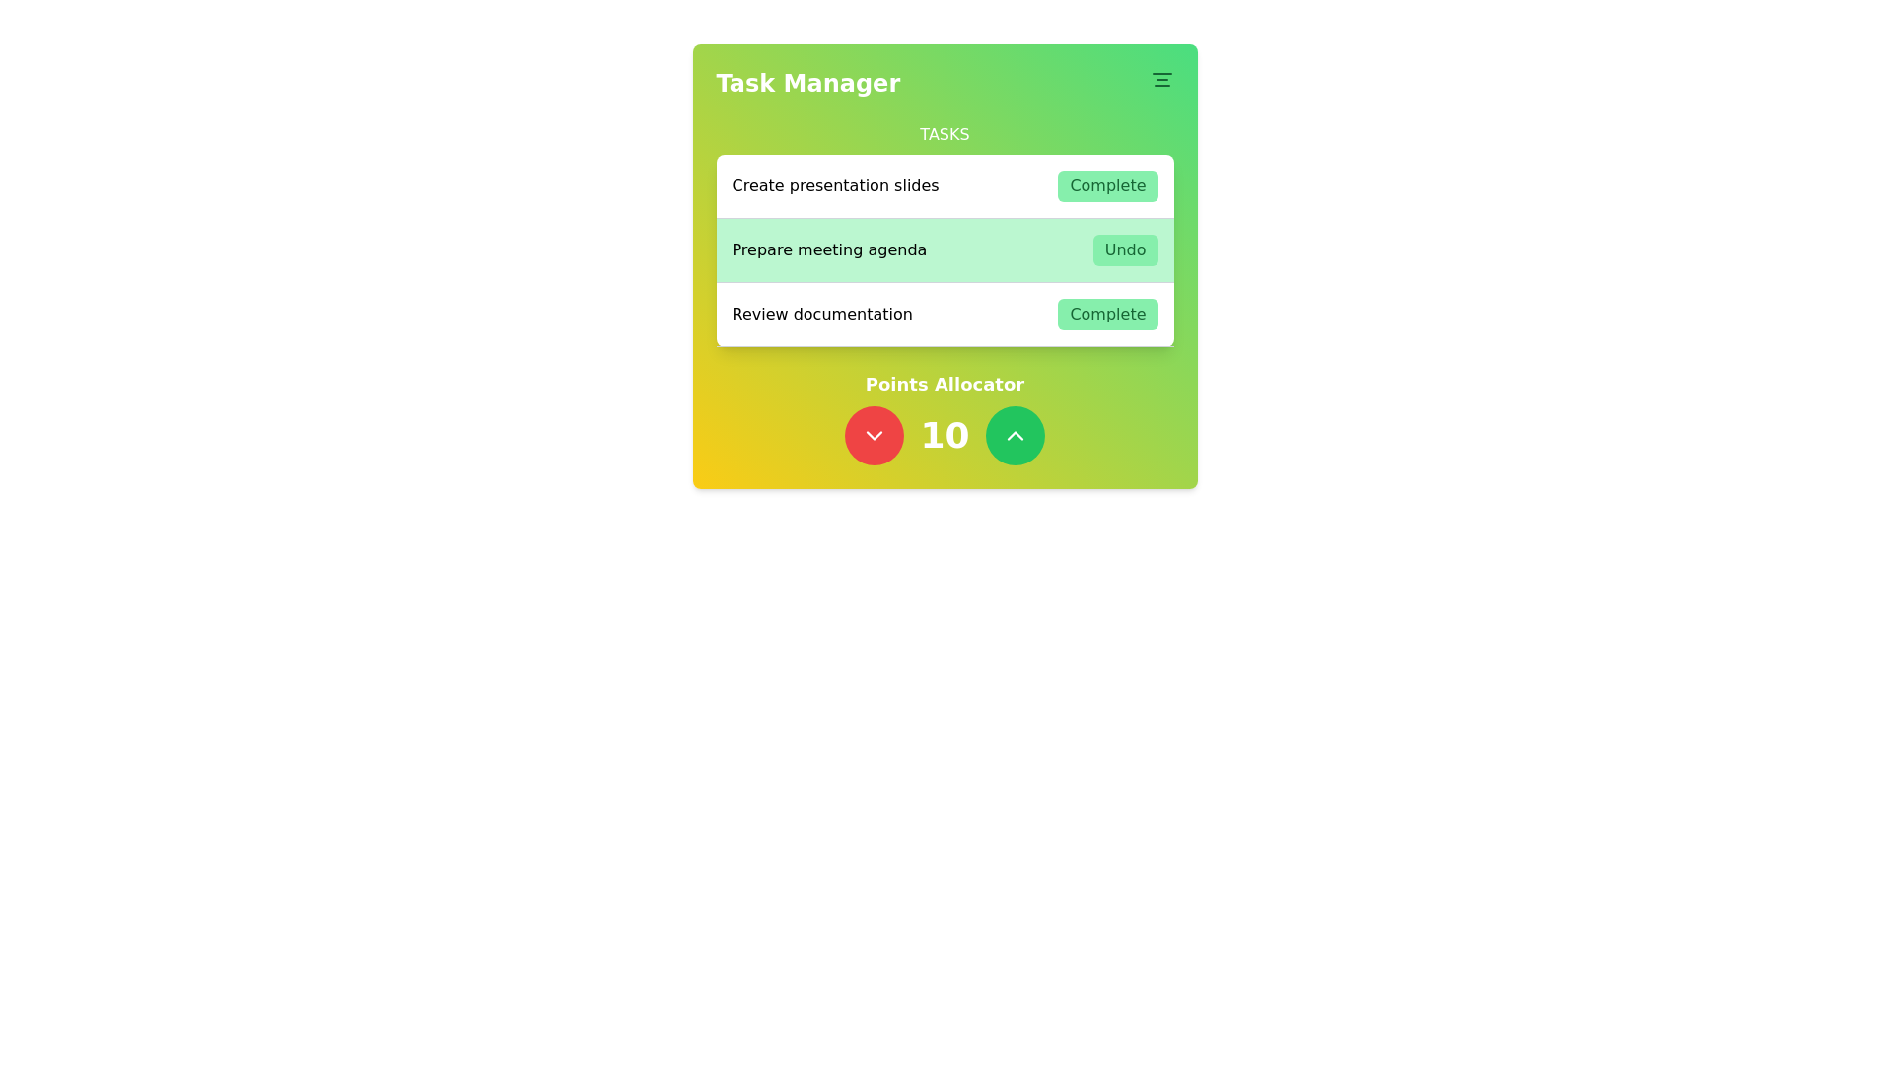  I want to click on the static label displaying the number '10', which is centered in the 'Points Allocator' section between a red button on the left and a green button on the right, so click(944, 435).